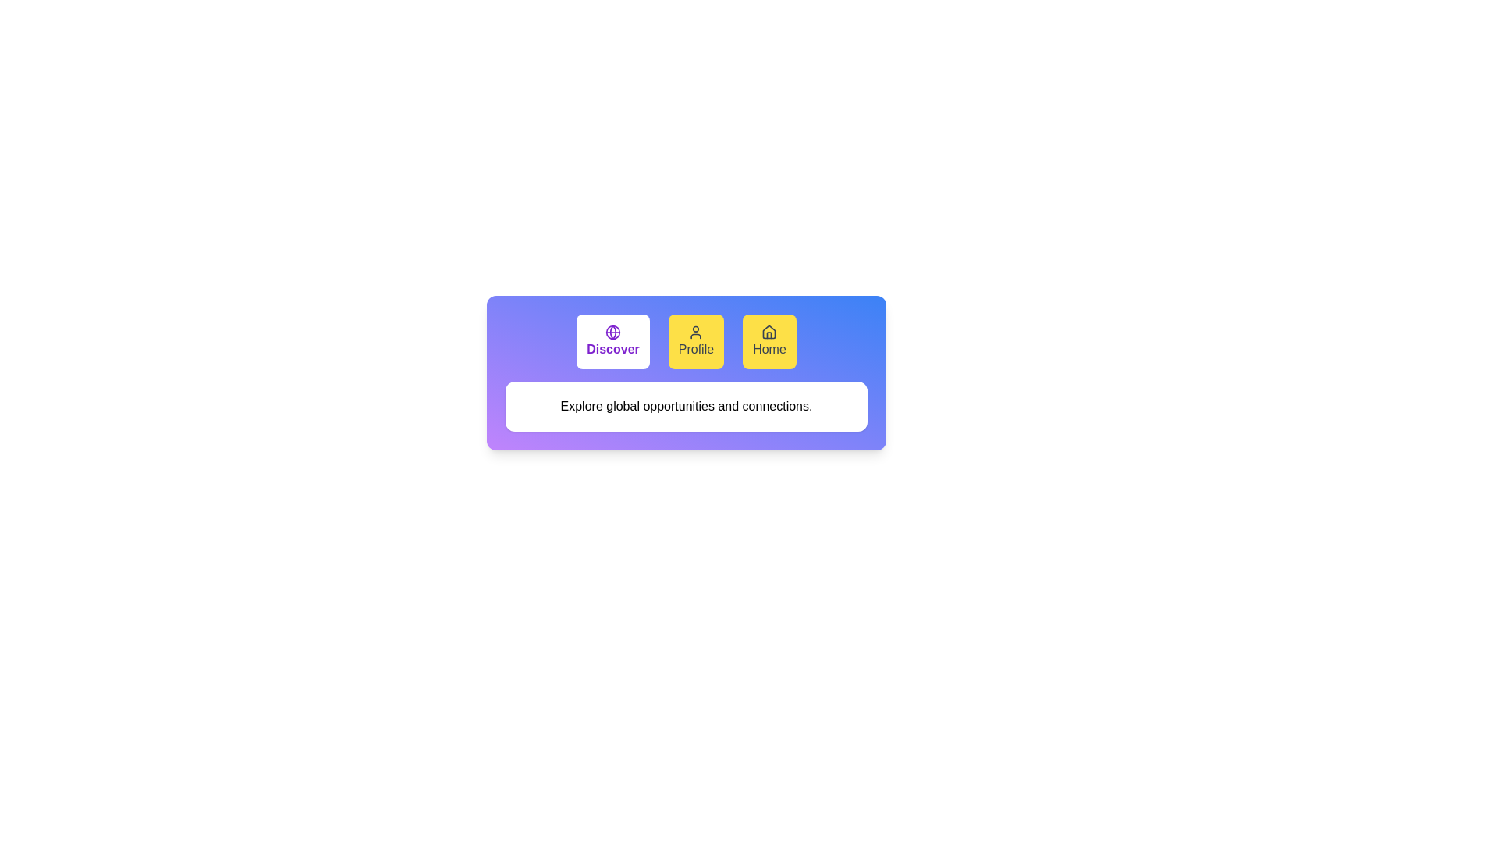 The image size is (1498, 843). Describe the element at coordinates (686, 405) in the screenshot. I see `the white background text block with rounded corners that contains the text 'Explore global opportunities and connections.' positioned centrally below the buttons 'Discover', 'Profile', and 'Home'` at that location.